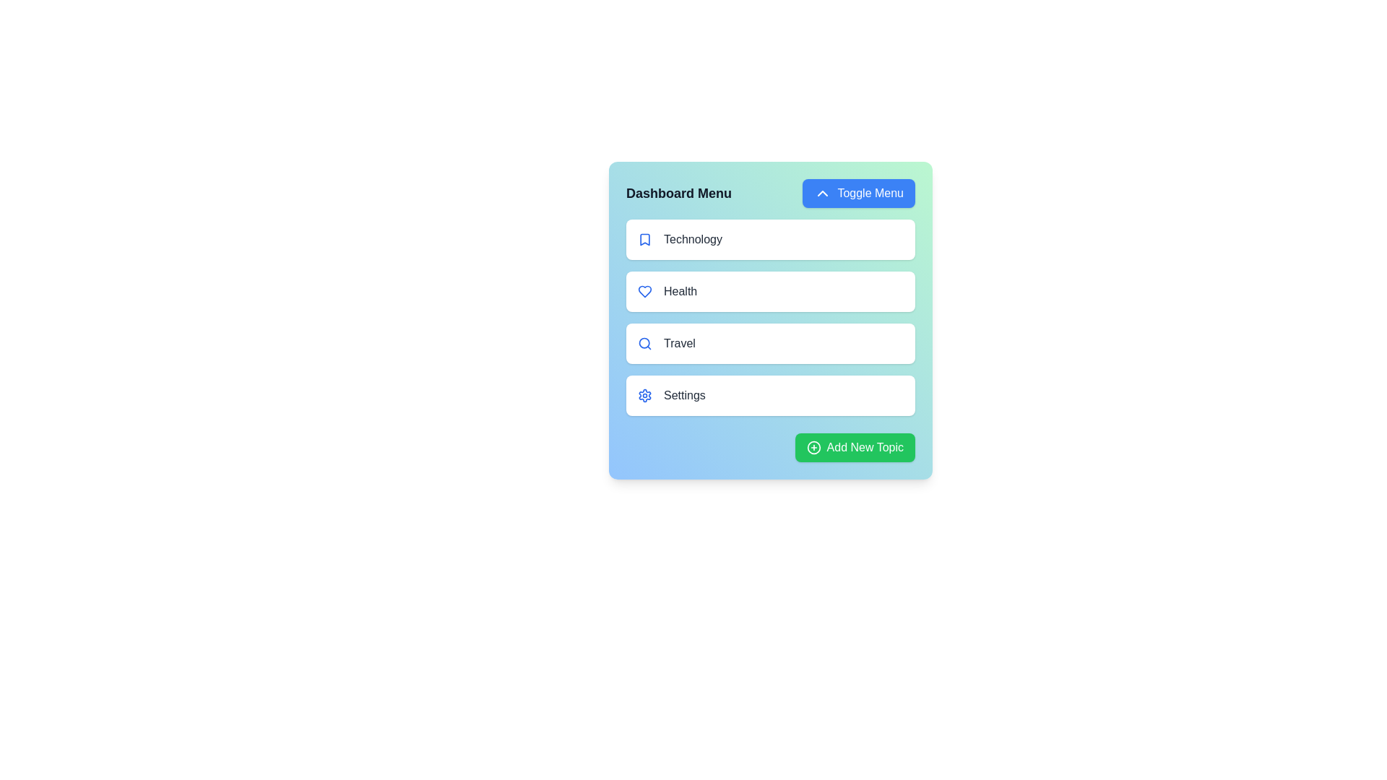  I want to click on the icon associated with the topic Technology in the list, so click(644, 238).